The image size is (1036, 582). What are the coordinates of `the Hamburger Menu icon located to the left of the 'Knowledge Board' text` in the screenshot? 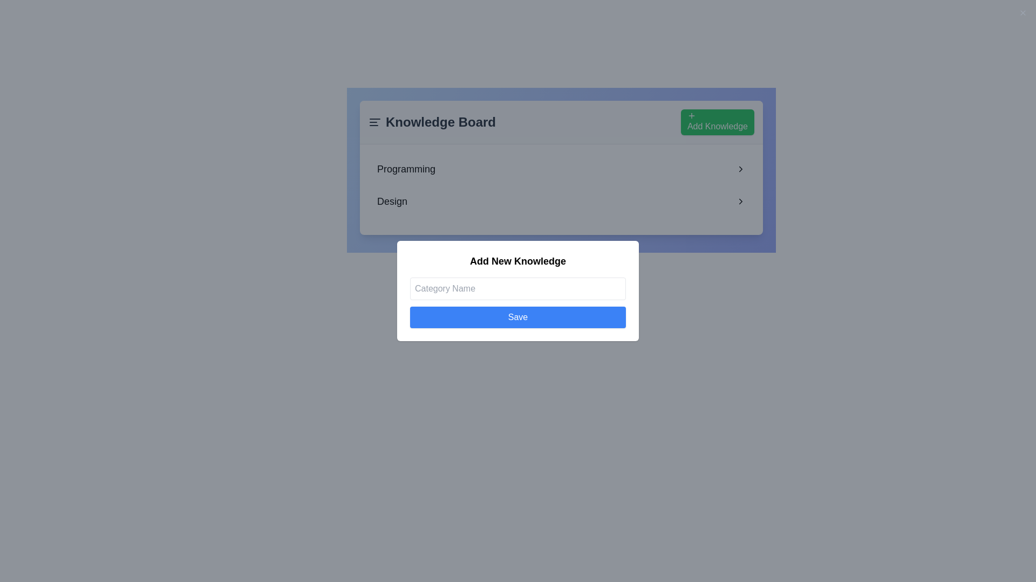 It's located at (375, 122).